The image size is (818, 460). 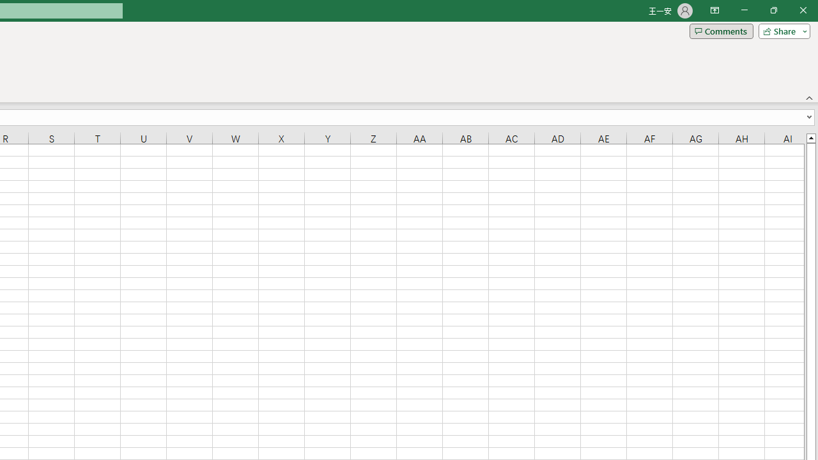 I want to click on 'Ribbon Display Options', so click(x=714, y=10).